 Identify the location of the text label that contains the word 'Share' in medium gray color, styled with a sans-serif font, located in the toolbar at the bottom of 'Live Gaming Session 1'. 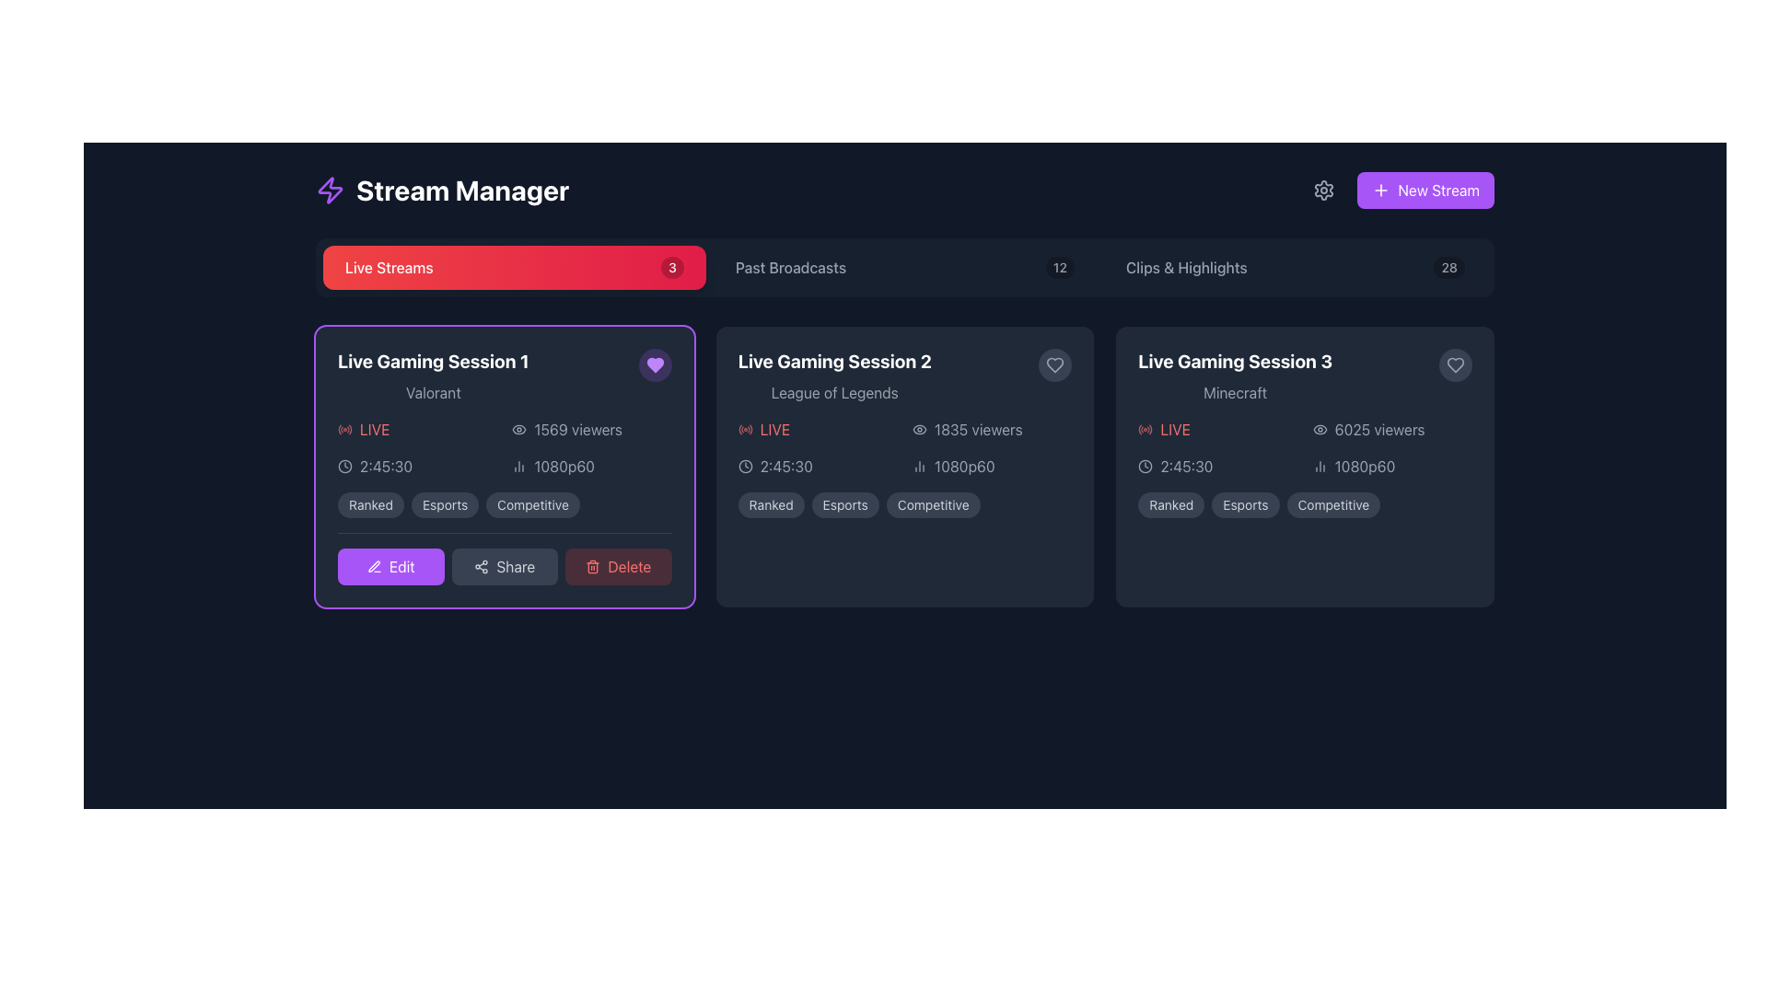
(516, 566).